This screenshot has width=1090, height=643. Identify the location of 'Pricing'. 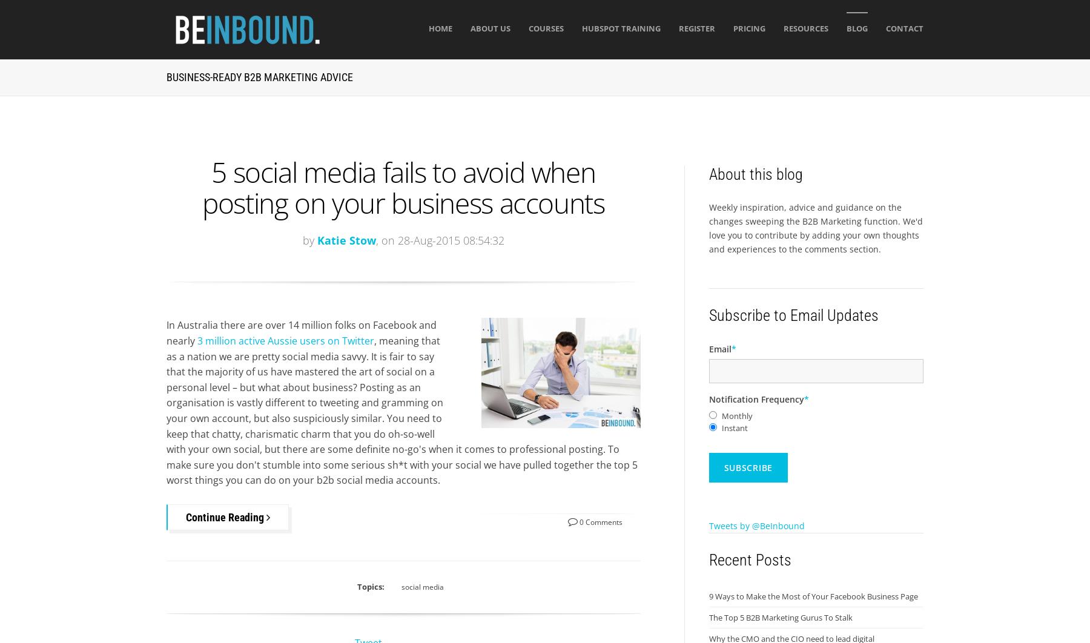
(748, 28).